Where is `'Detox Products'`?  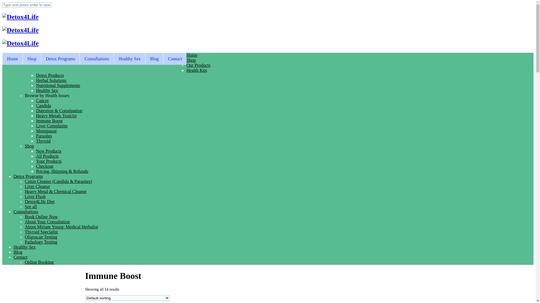
'Detox Products' is located at coordinates (36, 75).